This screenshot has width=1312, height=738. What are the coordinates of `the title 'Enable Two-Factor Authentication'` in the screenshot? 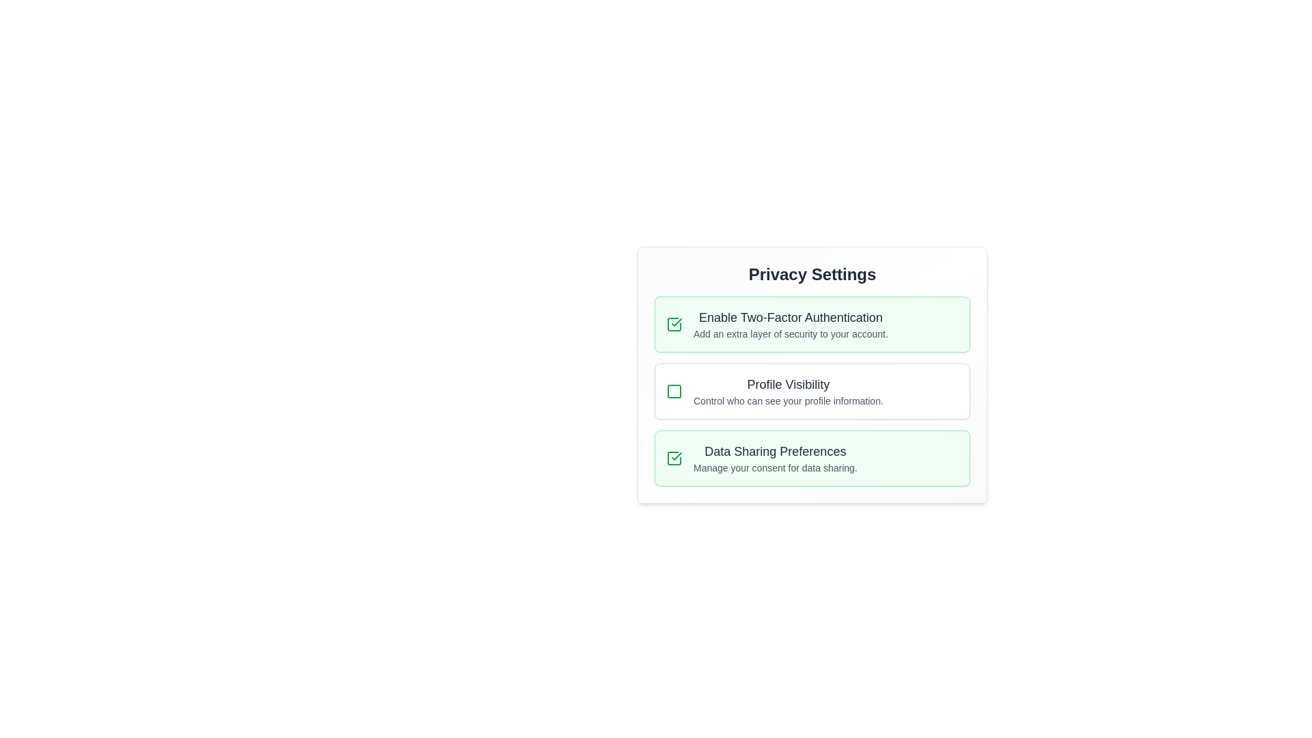 It's located at (791, 324).